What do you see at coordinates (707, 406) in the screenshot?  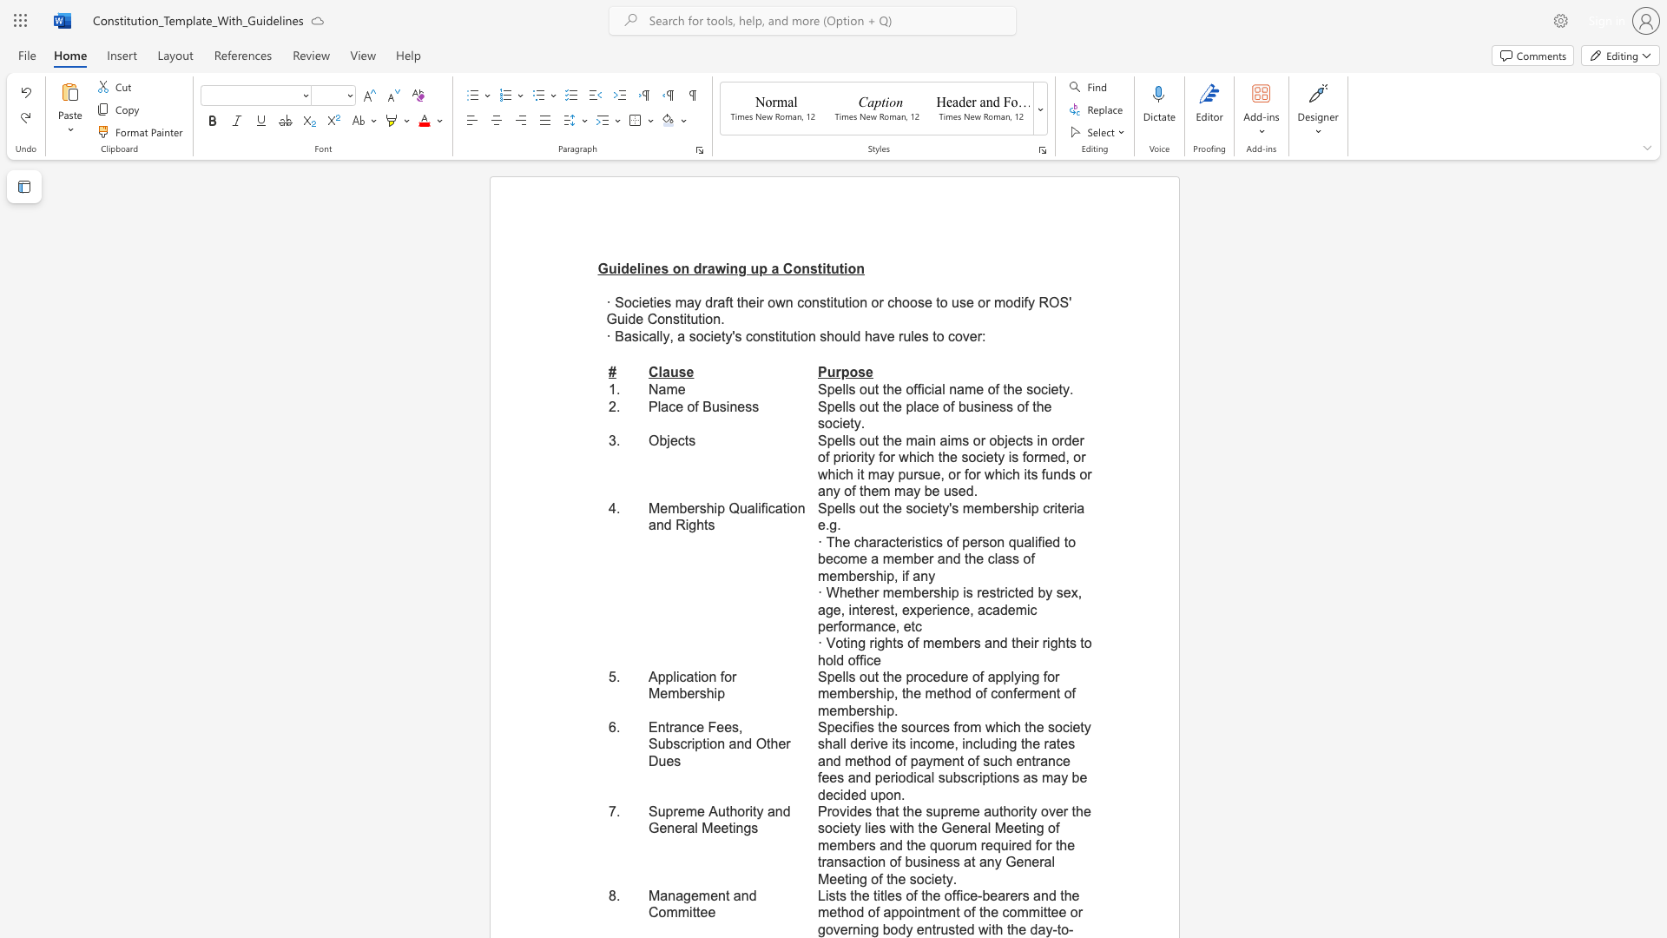 I see `the 1th character "B" in the text` at bounding box center [707, 406].